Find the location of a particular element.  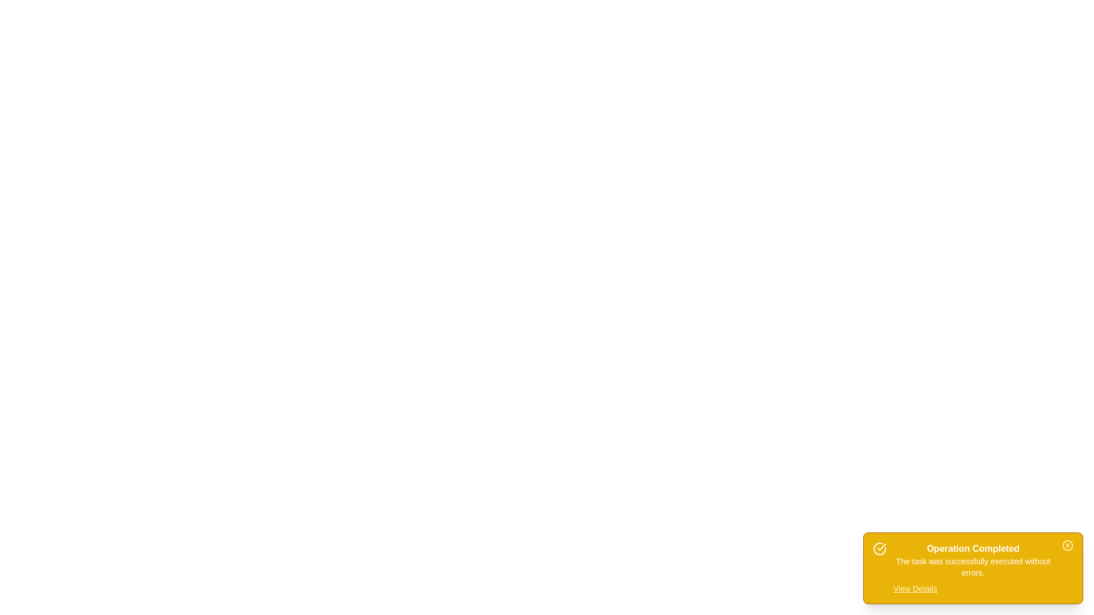

the 'View Details' link to trigger the details alert is located at coordinates (915, 588).